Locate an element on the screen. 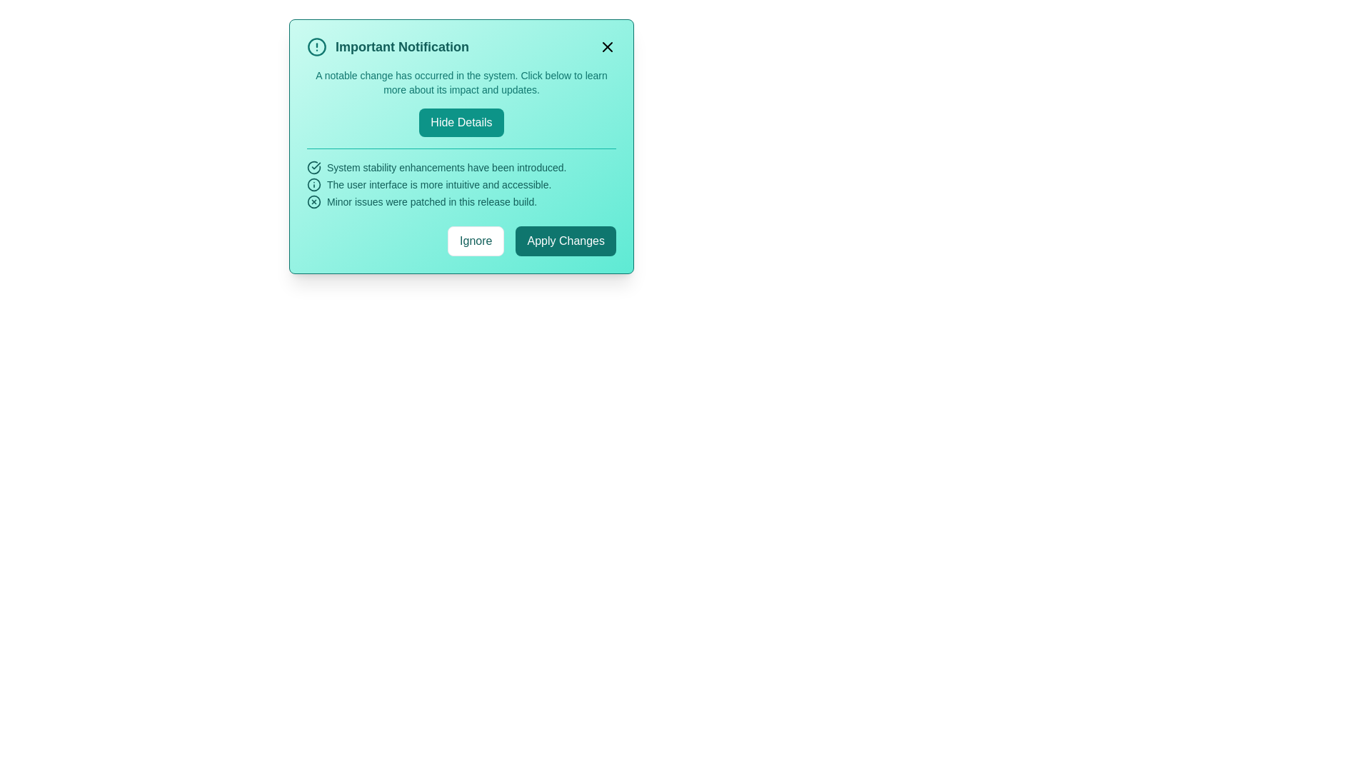 The image size is (1371, 771). the first SVG icon indicating a completed or successful state, located to the left of the text 'System stability enhancements have been introduced.' is located at coordinates (313, 167).